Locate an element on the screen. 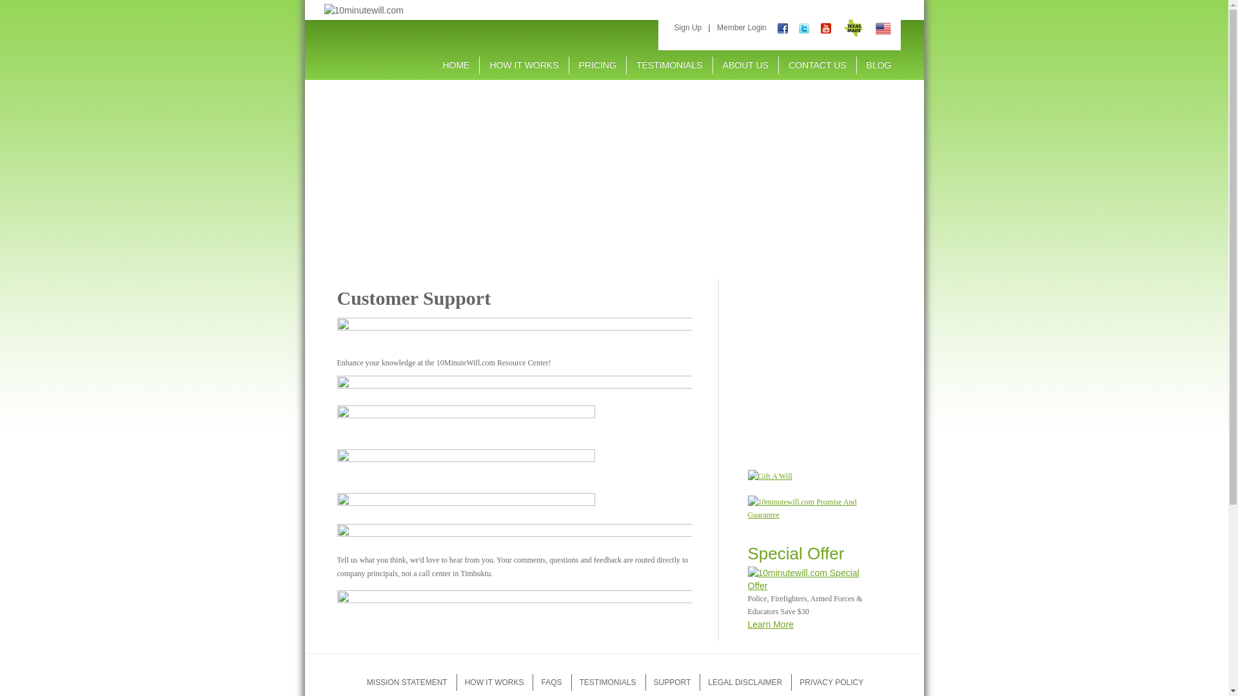  'PRIVACY POLICY' is located at coordinates (831, 682).